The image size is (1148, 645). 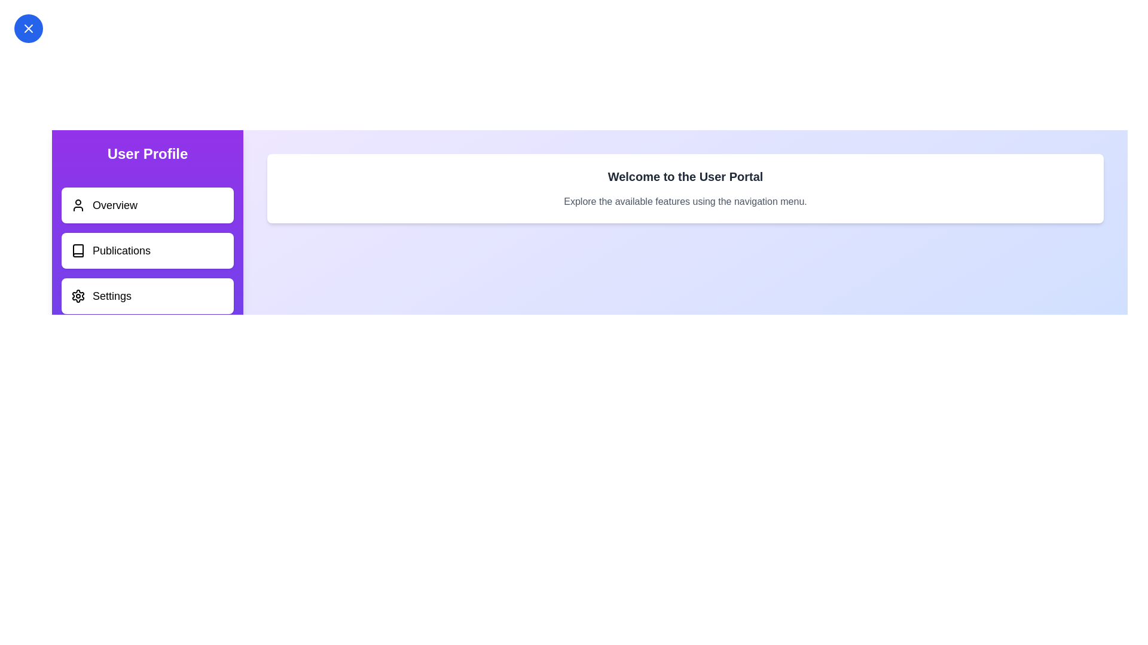 What do you see at coordinates (146, 250) in the screenshot?
I see `the Publications menu item to navigate to the respective section` at bounding box center [146, 250].